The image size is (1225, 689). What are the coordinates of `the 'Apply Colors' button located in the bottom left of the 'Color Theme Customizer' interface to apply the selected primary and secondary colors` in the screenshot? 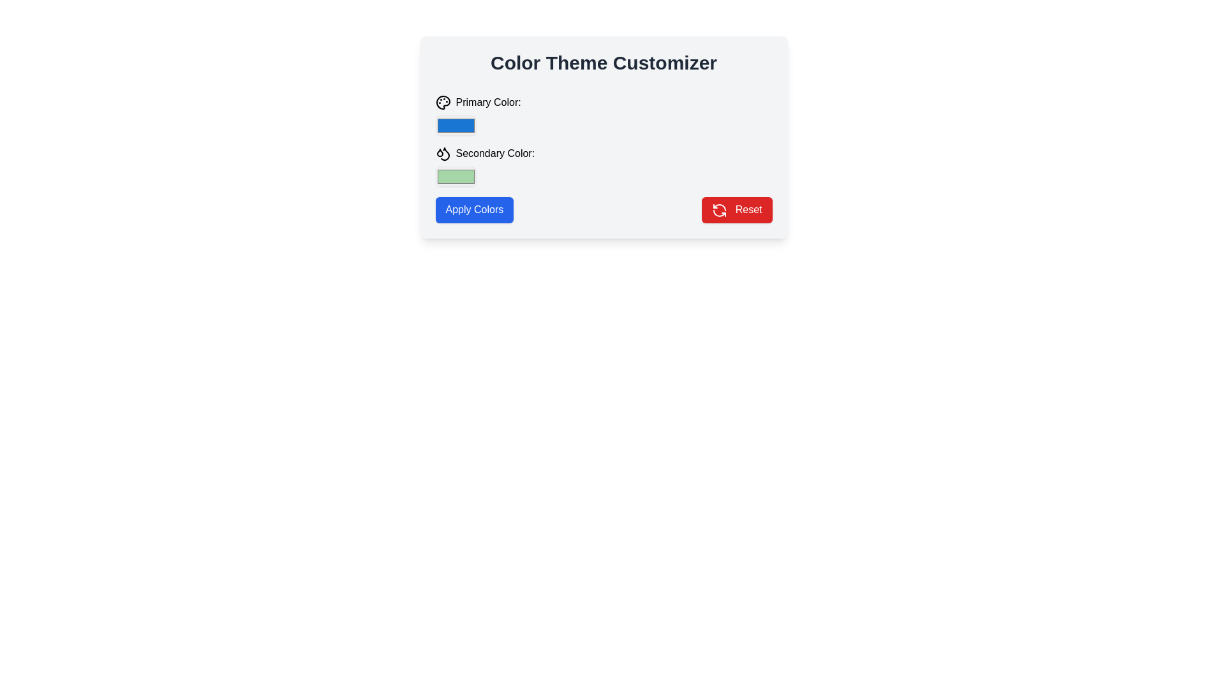 It's located at (473, 209).